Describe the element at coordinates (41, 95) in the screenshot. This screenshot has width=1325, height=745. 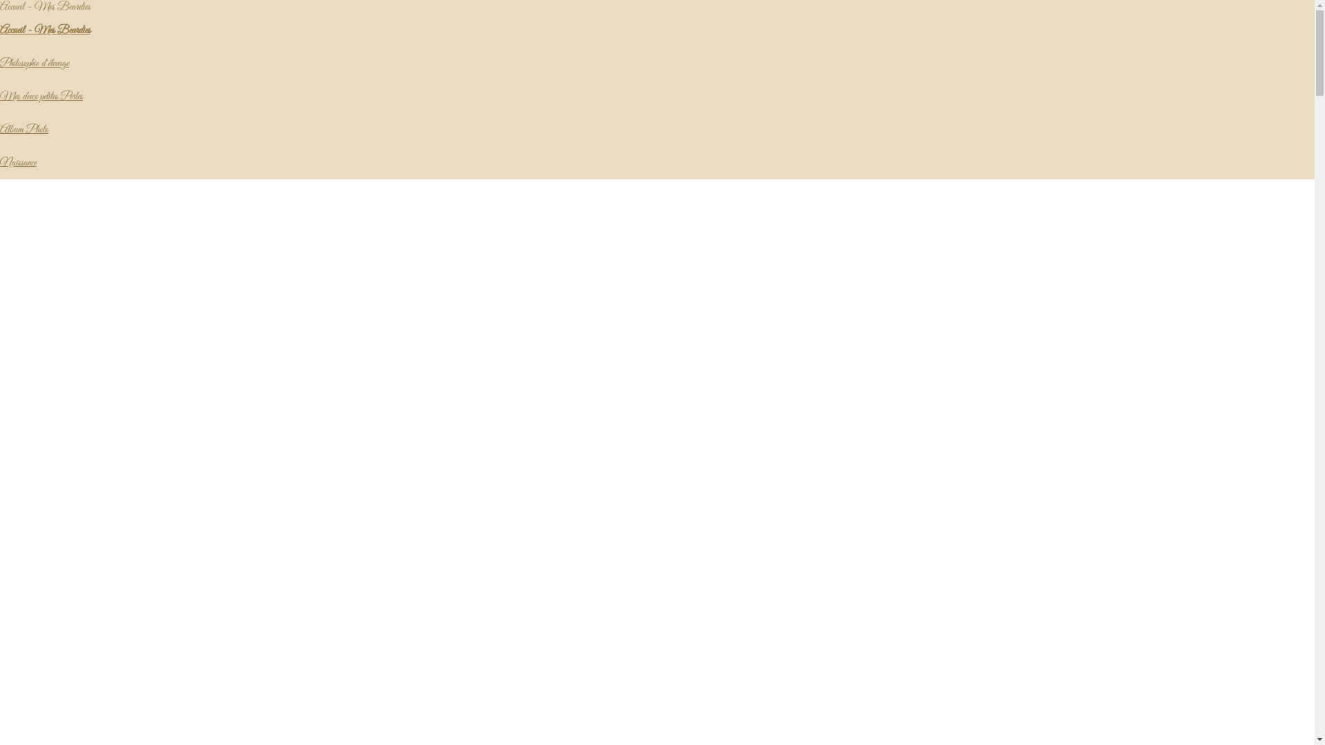
I see `'Mes deux petites Perles'` at that location.